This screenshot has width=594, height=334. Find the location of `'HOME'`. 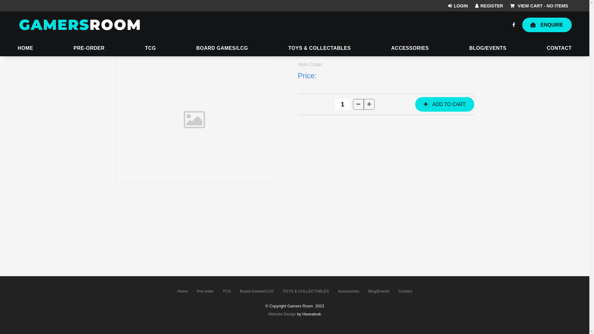

'HOME' is located at coordinates (18, 48).